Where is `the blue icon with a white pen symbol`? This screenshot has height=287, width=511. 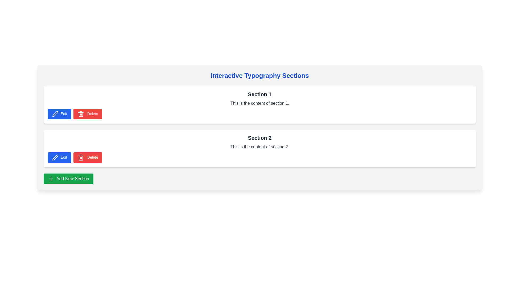 the blue icon with a white pen symbol is located at coordinates (55, 113).